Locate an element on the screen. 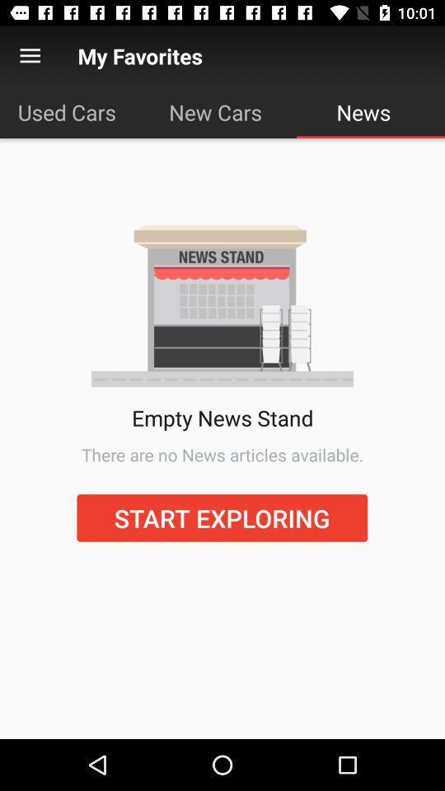 The image size is (445, 791). item next to my favorites icon is located at coordinates (30, 56).